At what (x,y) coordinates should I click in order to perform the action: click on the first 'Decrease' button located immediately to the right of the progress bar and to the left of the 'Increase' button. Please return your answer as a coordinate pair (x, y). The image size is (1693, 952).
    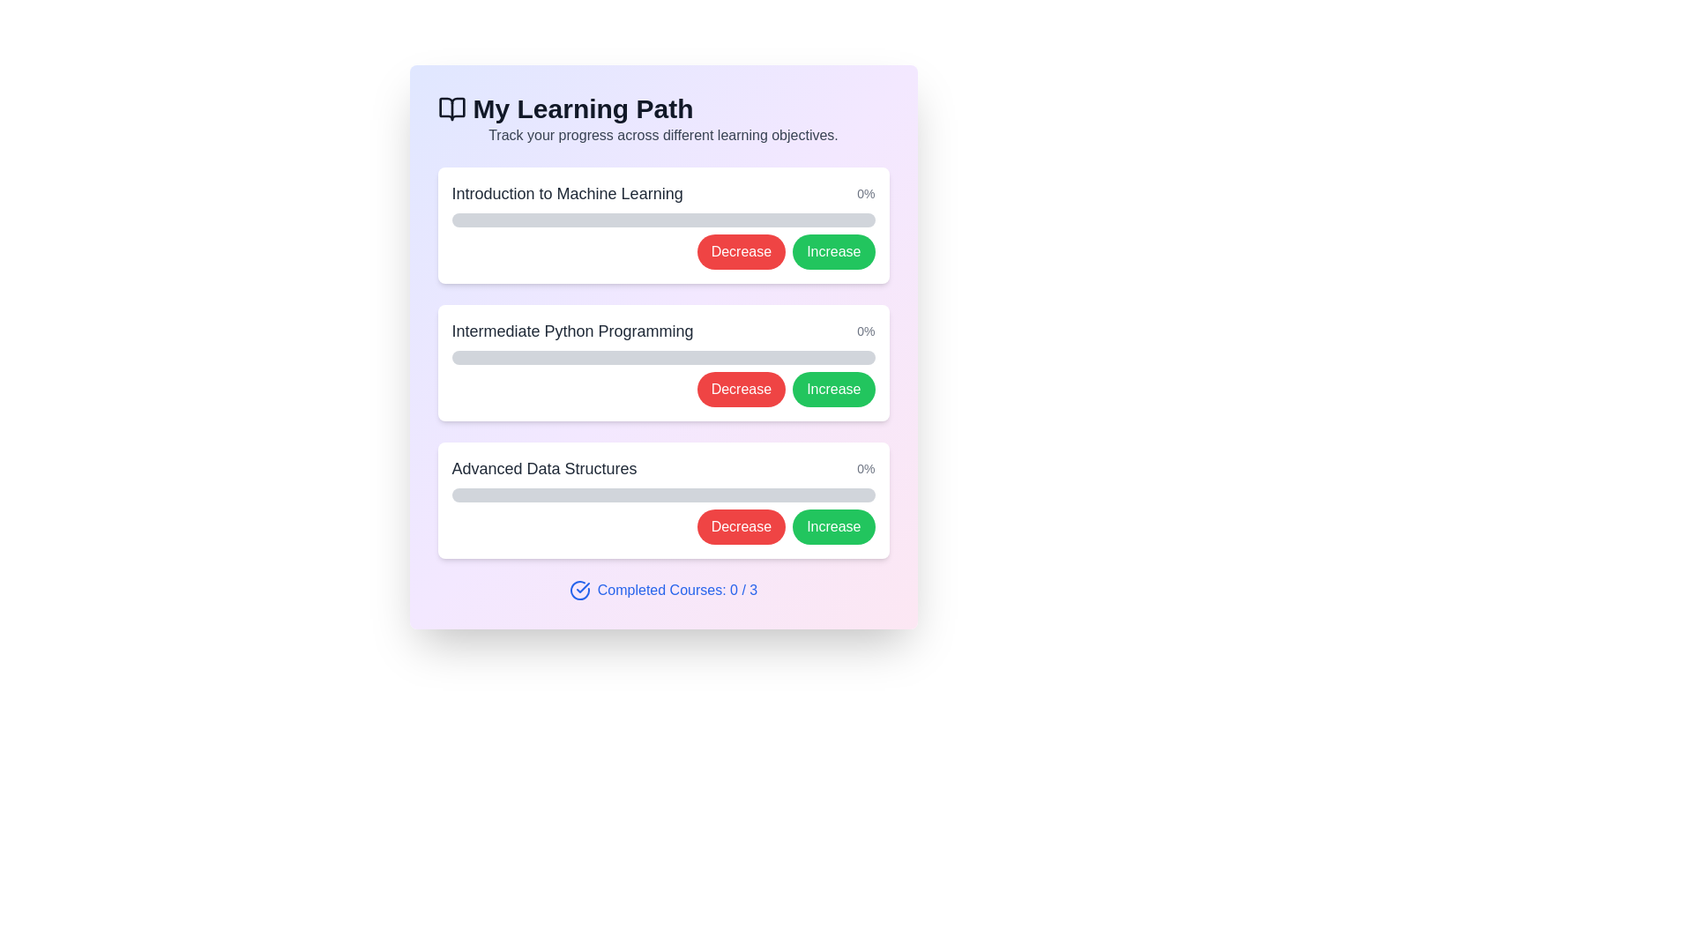
    Looking at the image, I should click on (741, 251).